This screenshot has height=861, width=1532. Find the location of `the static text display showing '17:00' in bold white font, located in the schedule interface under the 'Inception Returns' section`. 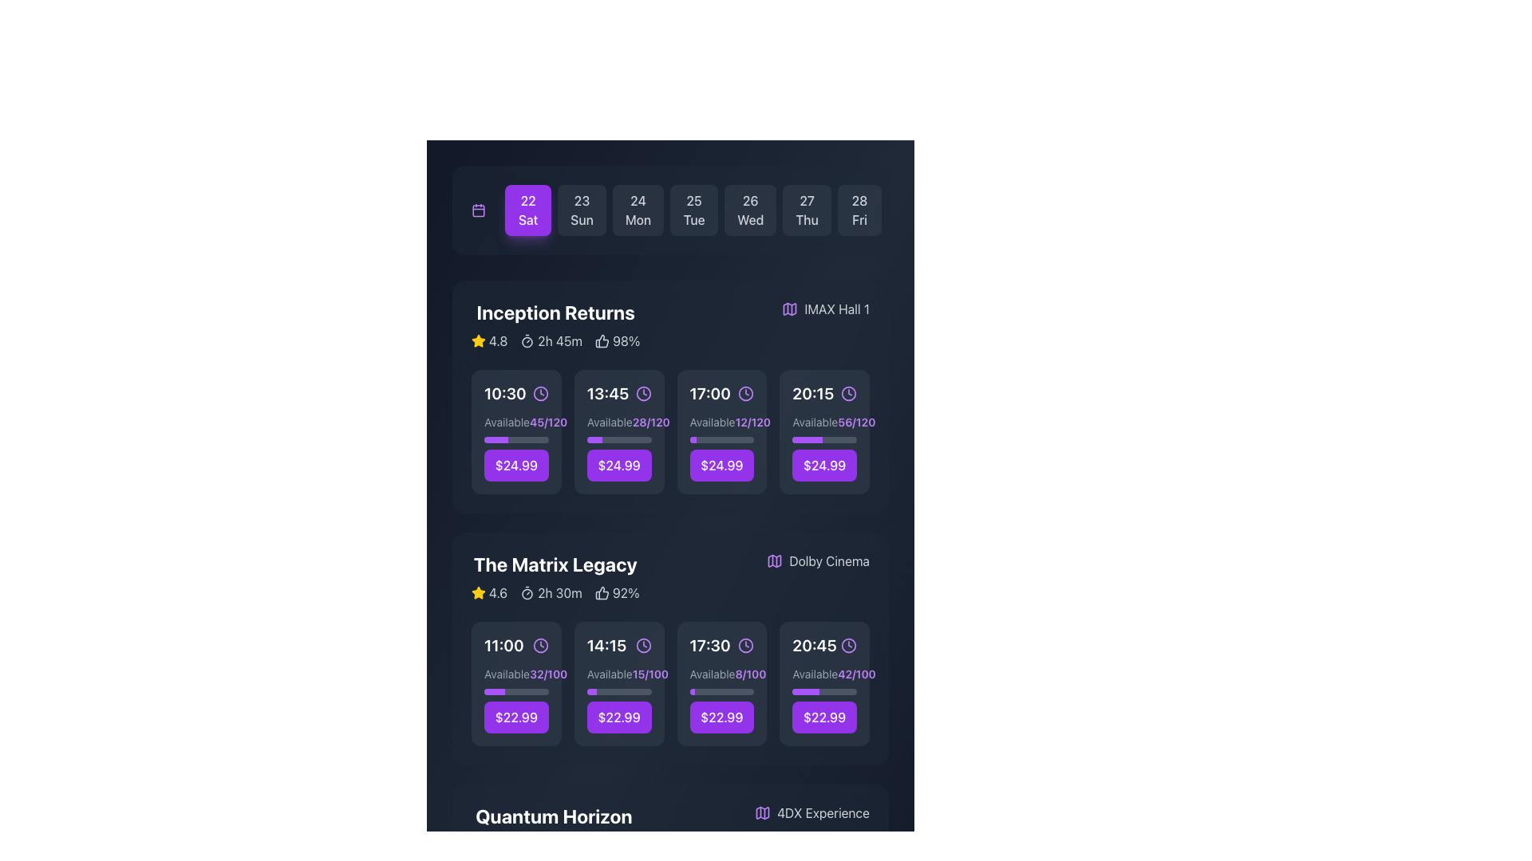

the static text display showing '17:00' in bold white font, located in the schedule interface under the 'Inception Returns' section is located at coordinates (709, 393).